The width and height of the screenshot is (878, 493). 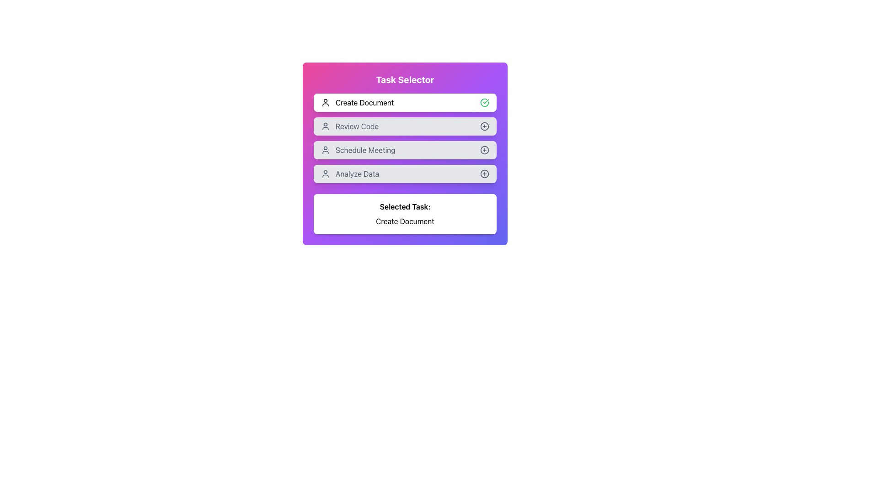 I want to click on the 'Review Code' button, which is the second button, so click(x=405, y=126).